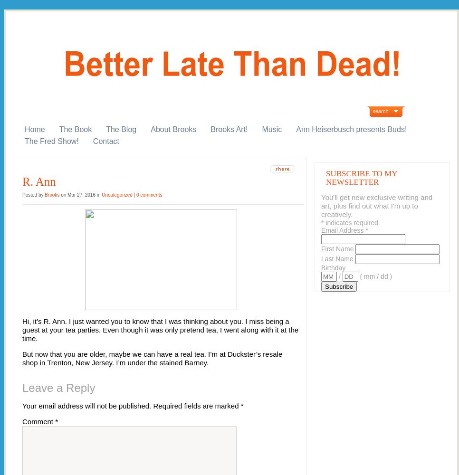  I want to click on 'R. Ann', so click(38, 181).